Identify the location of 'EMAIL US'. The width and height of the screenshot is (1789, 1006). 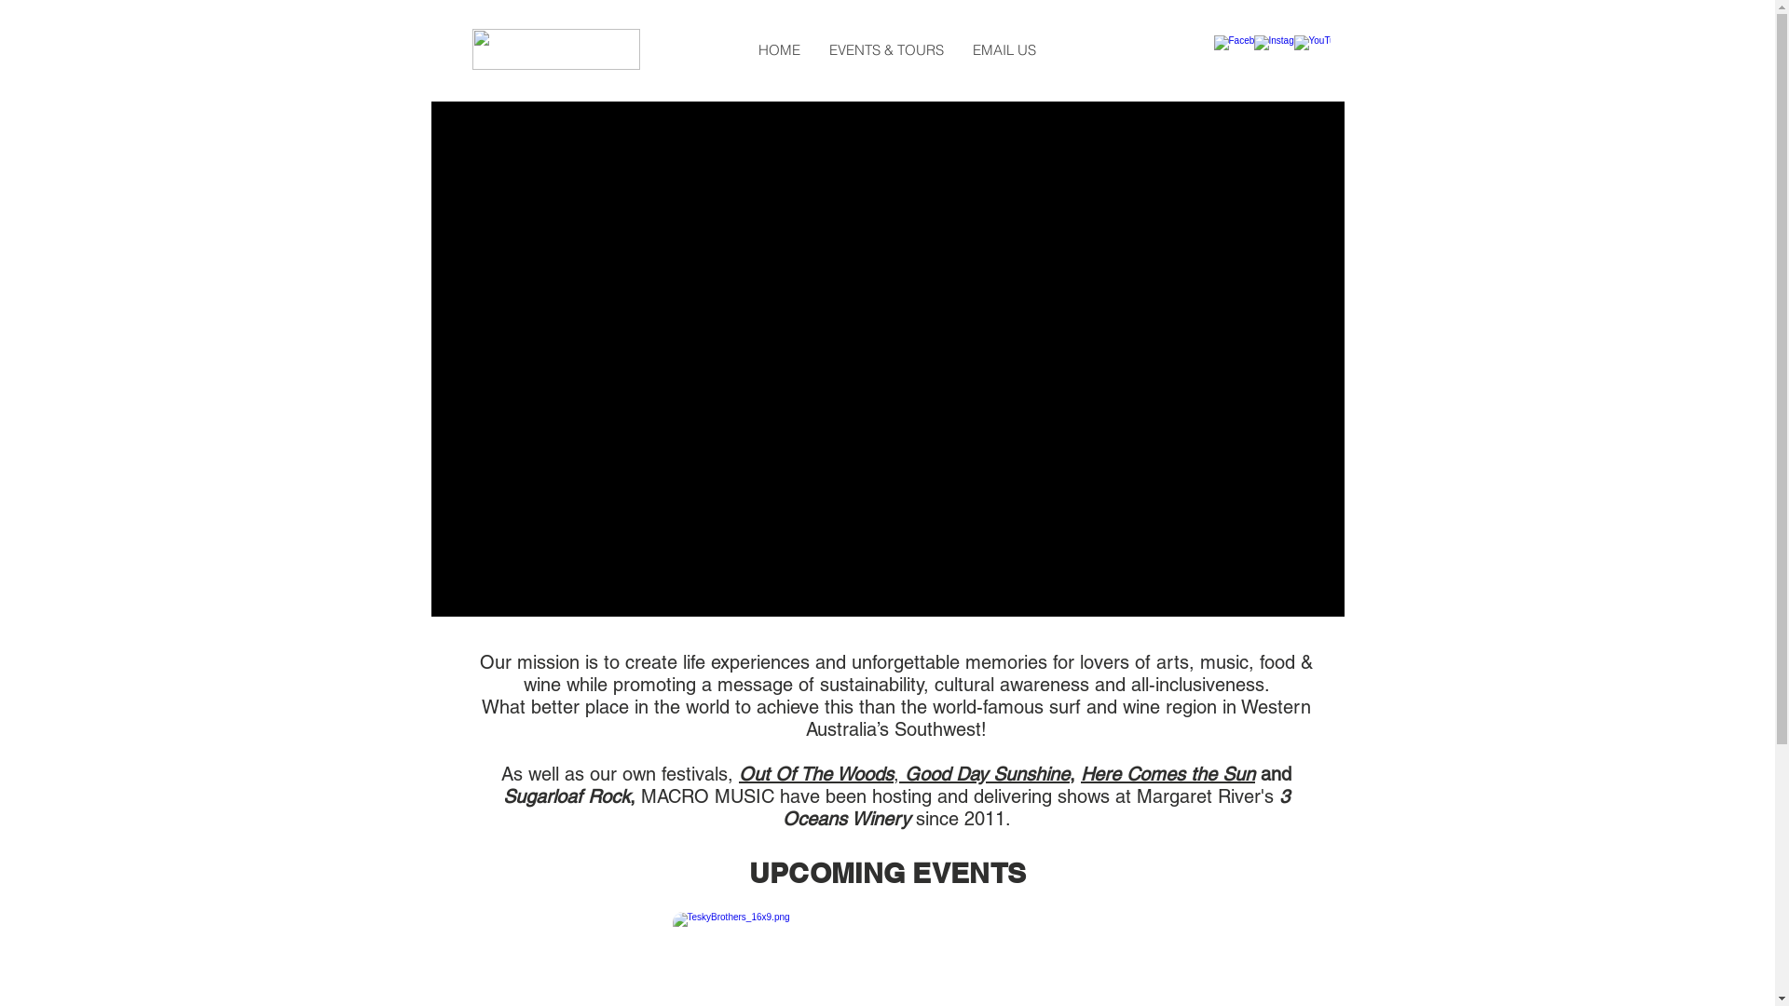
(1003, 48).